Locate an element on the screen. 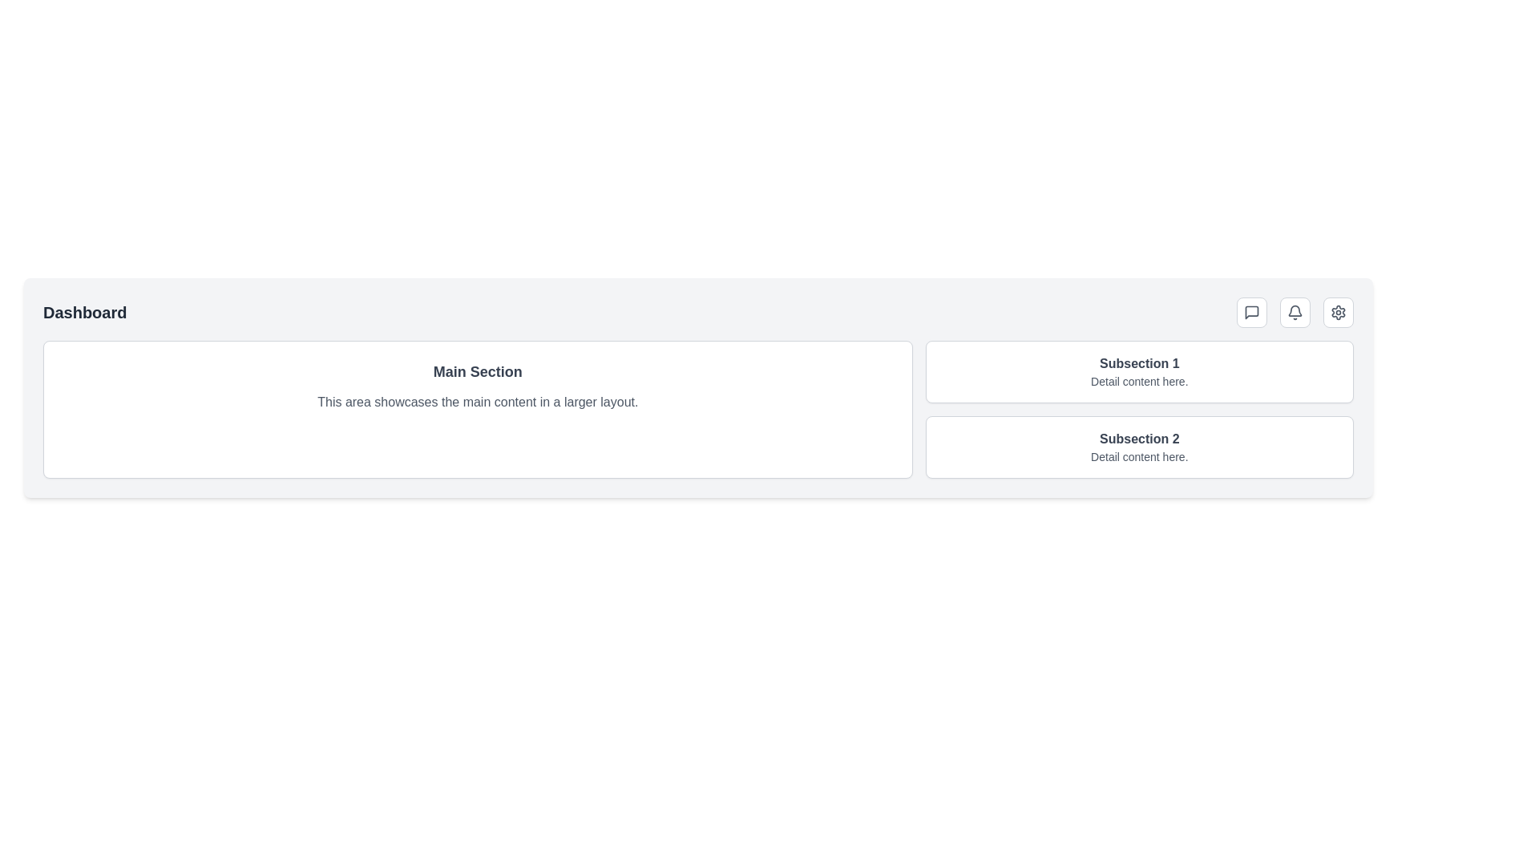  the informational section displaying 'Subsection 1' to reveal more details is located at coordinates (1138, 371).